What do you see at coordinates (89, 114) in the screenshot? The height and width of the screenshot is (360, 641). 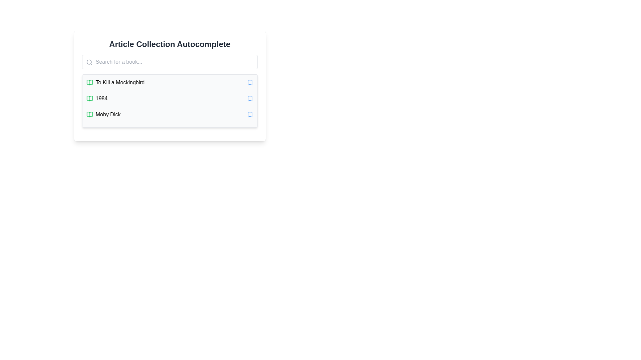 I see `the decorative icon that differentiates book entries in the dropdown list, located as the third icon to the left of 'Moby Dick'` at bounding box center [89, 114].